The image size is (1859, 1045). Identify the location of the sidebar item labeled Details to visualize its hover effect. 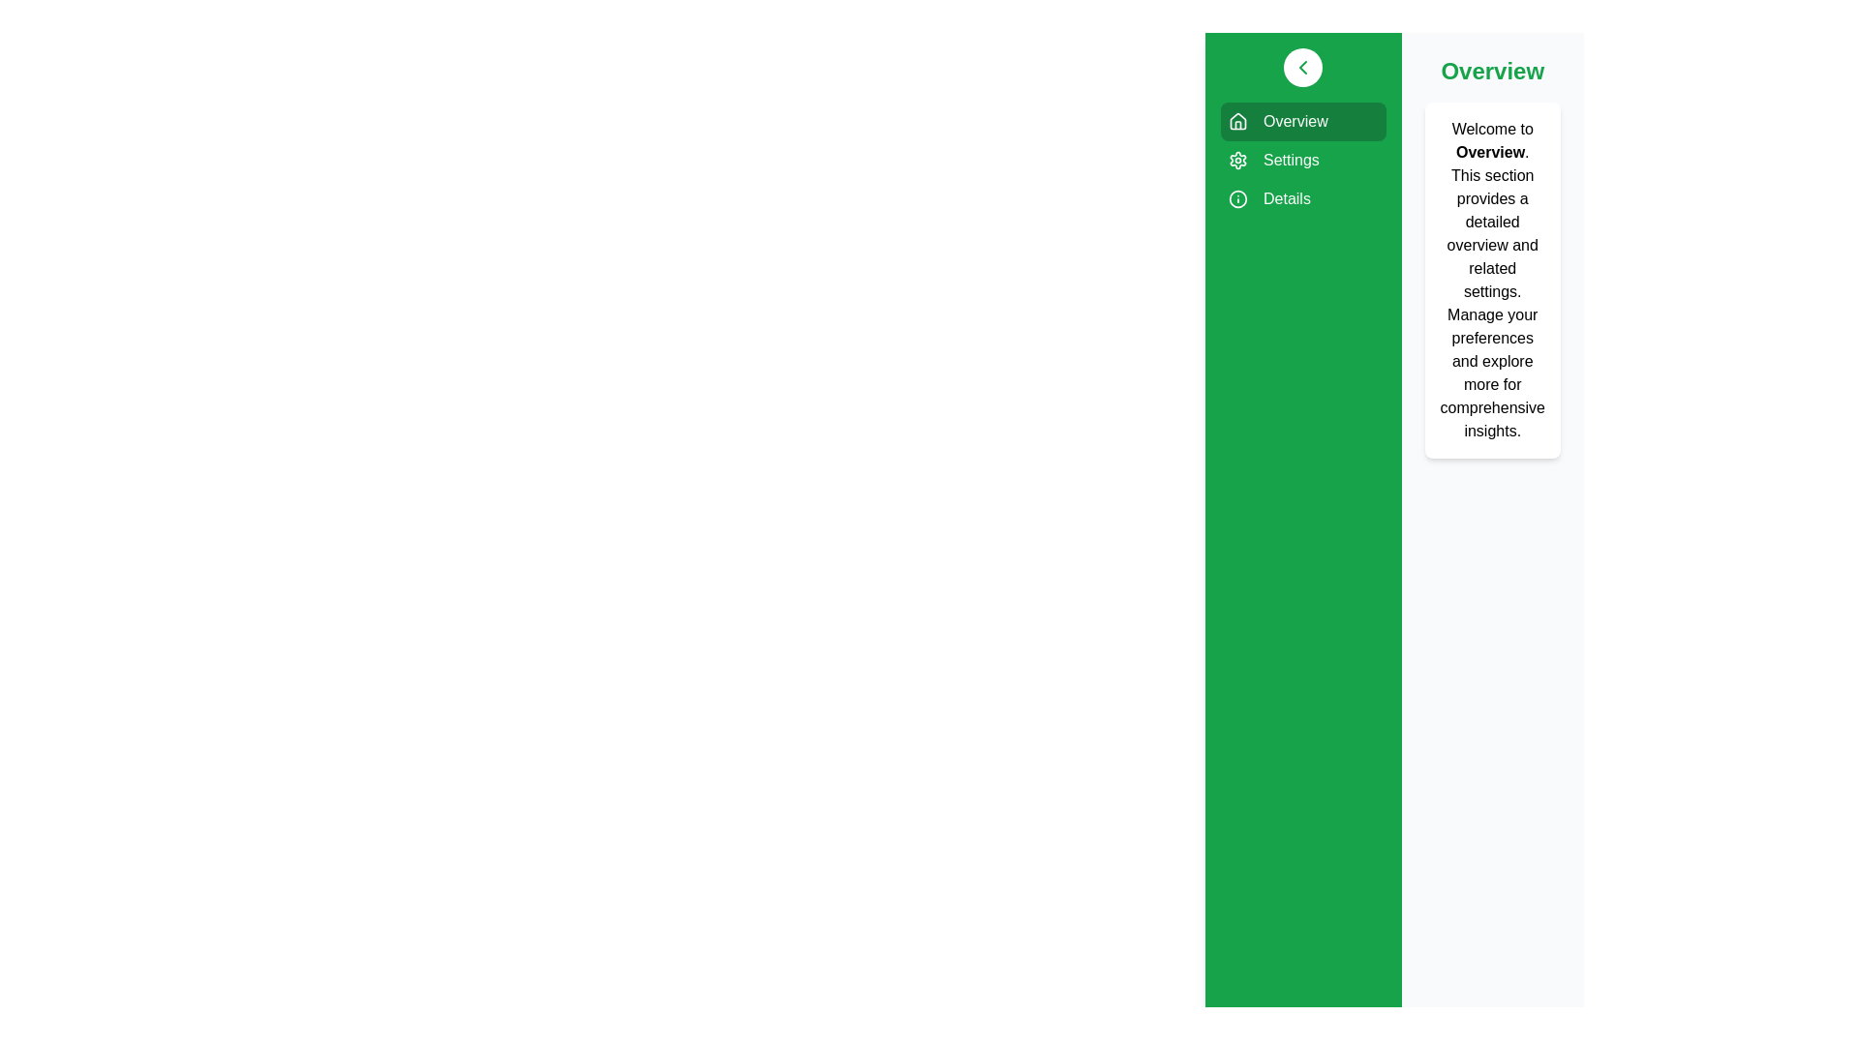
(1303, 198).